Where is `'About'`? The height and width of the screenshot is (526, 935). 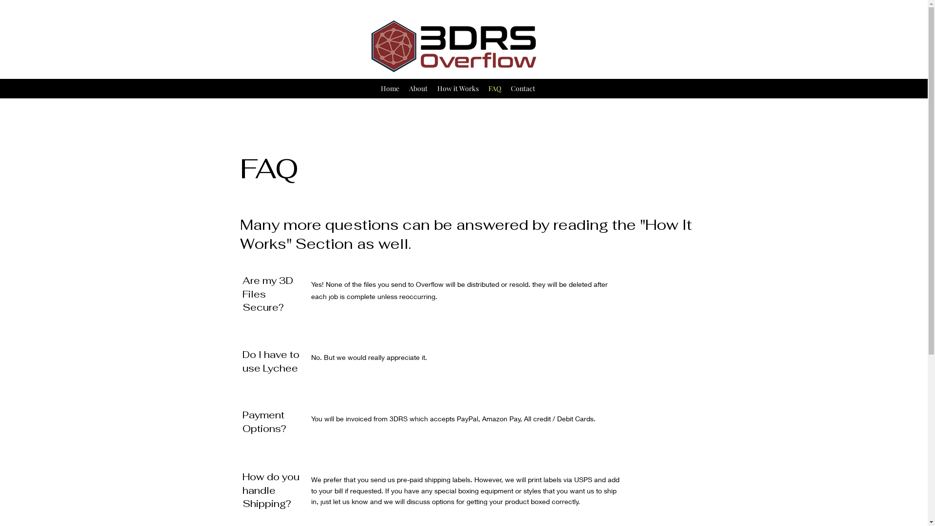
'About' is located at coordinates (418, 88).